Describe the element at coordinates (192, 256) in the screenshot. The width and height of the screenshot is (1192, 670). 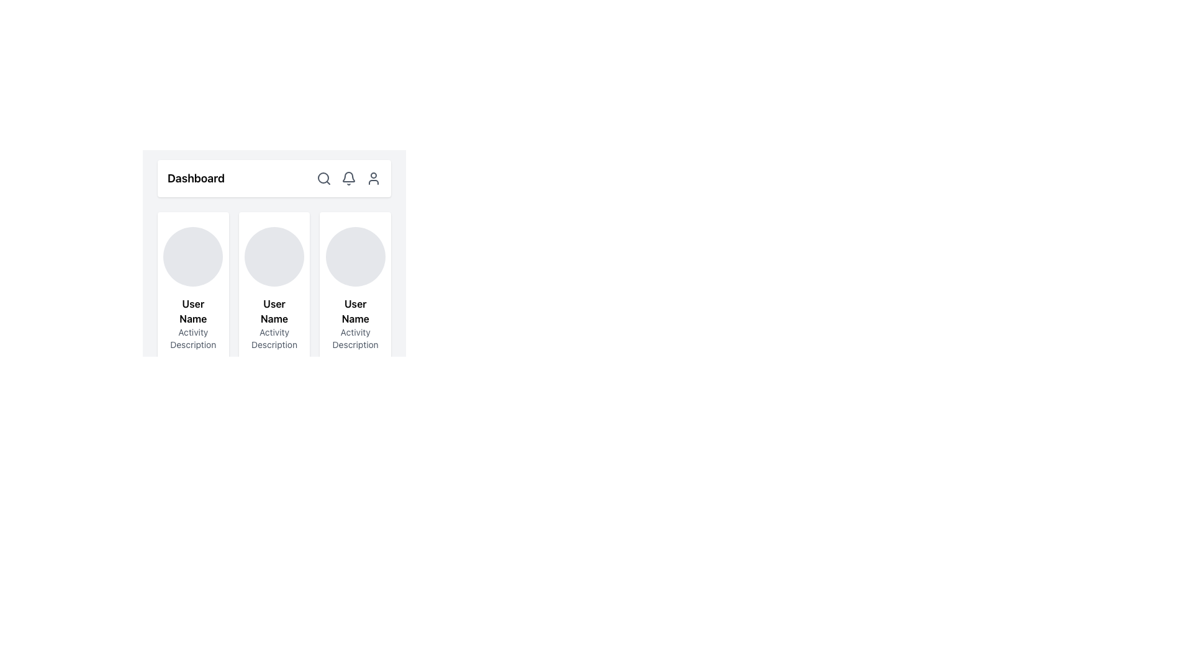
I see `the circular static placeholder element with a gray background located near the top of the leftmost card in a horizontally aligned array` at that location.